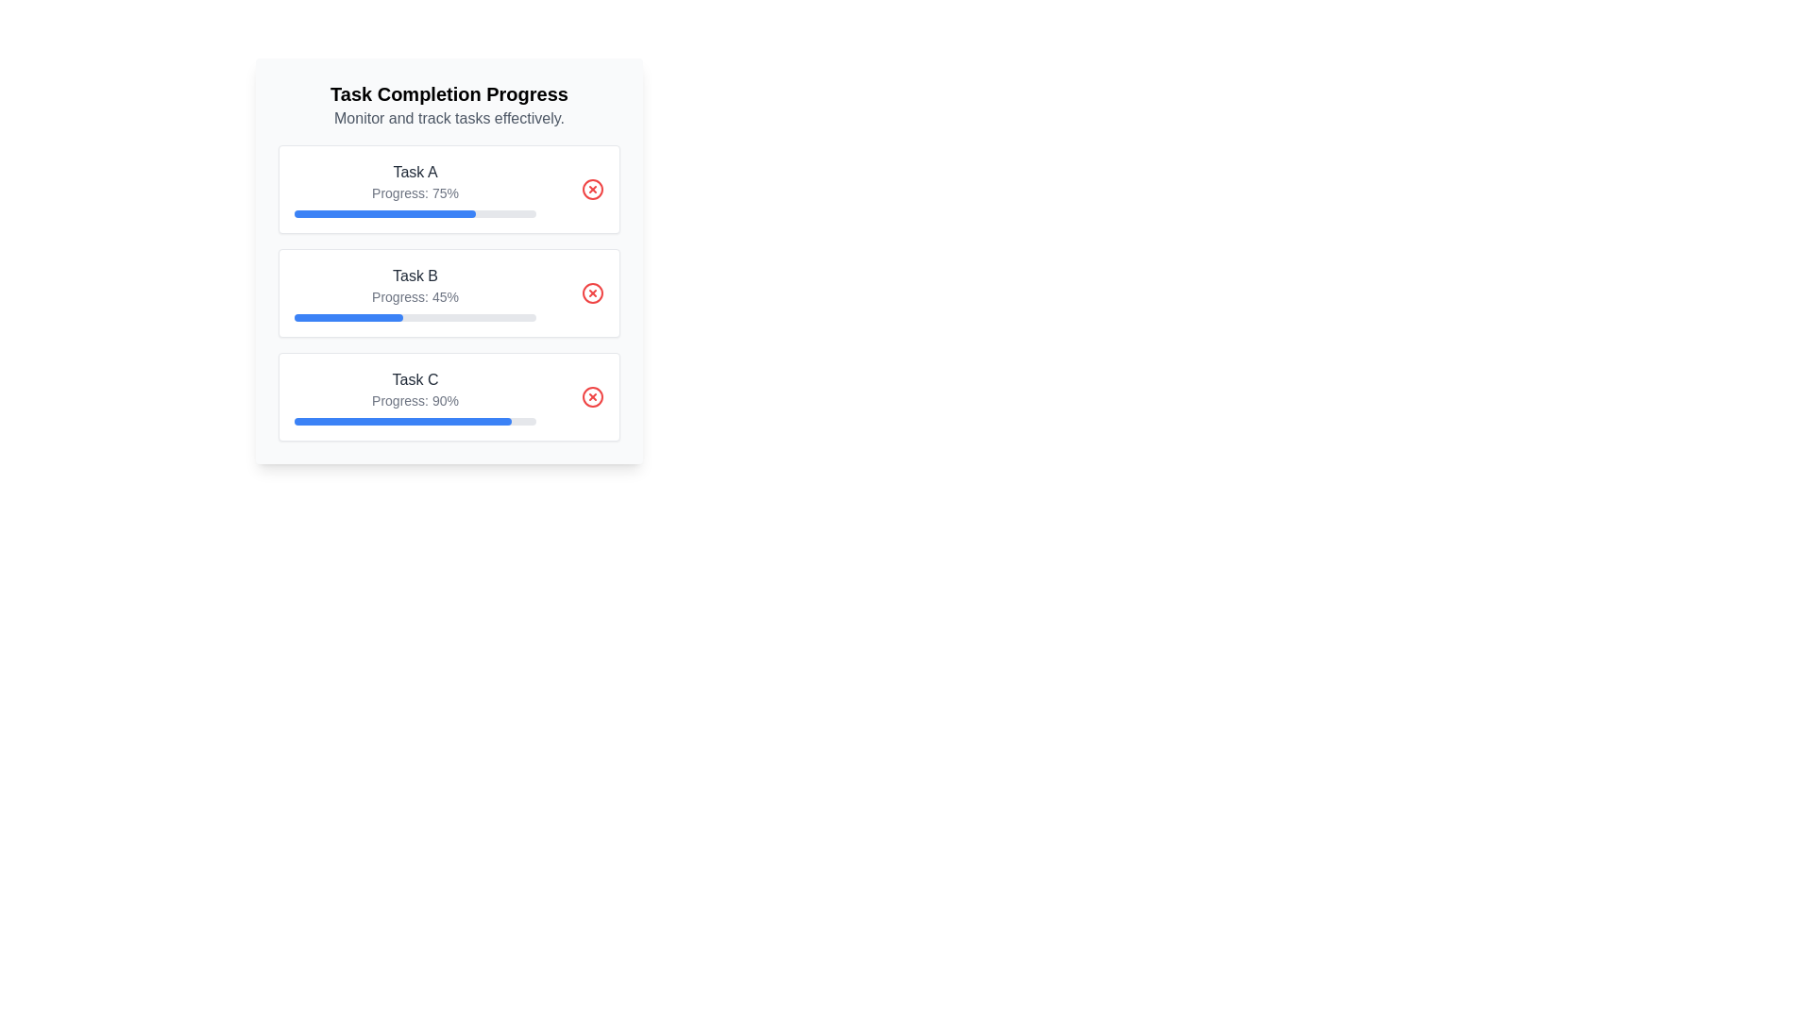  Describe the element at coordinates (402, 421) in the screenshot. I see `the blue progress indicator in the 'Task C' section, which shows 90% completion` at that location.